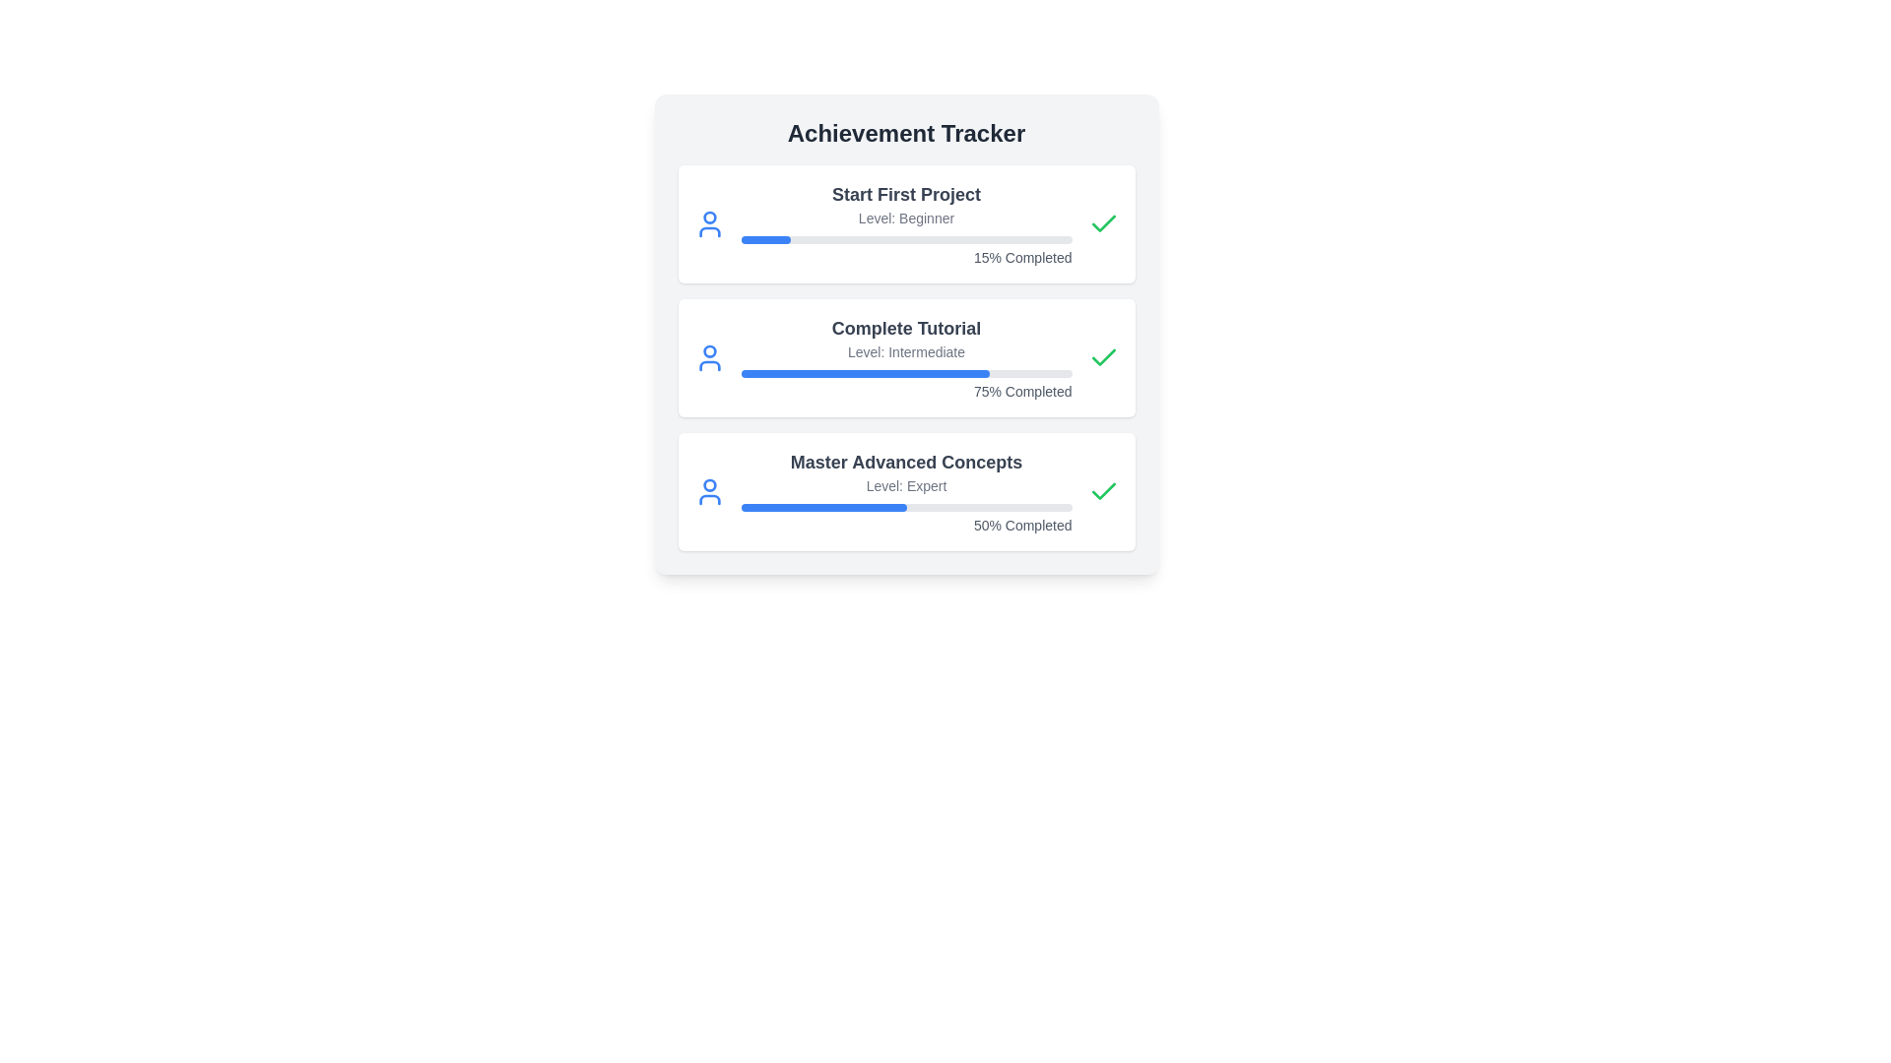 The width and height of the screenshot is (1891, 1063). I want to click on the Circular SVG Element that represents the head of the user figure within the user profile icon located on the left side of the 'Master Advanced Concepts' section, so click(709, 485).